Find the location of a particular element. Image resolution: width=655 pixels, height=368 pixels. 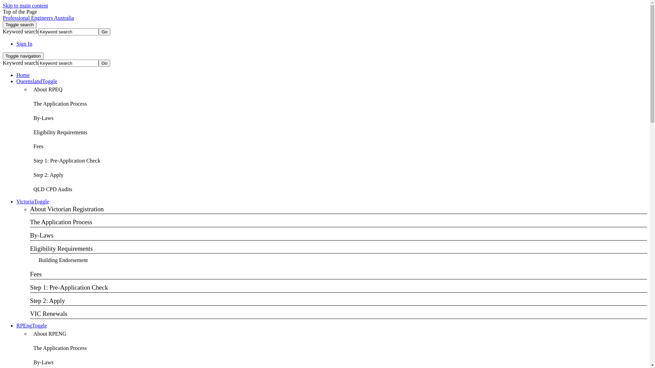

'Top of the Page' is located at coordinates (20, 12).